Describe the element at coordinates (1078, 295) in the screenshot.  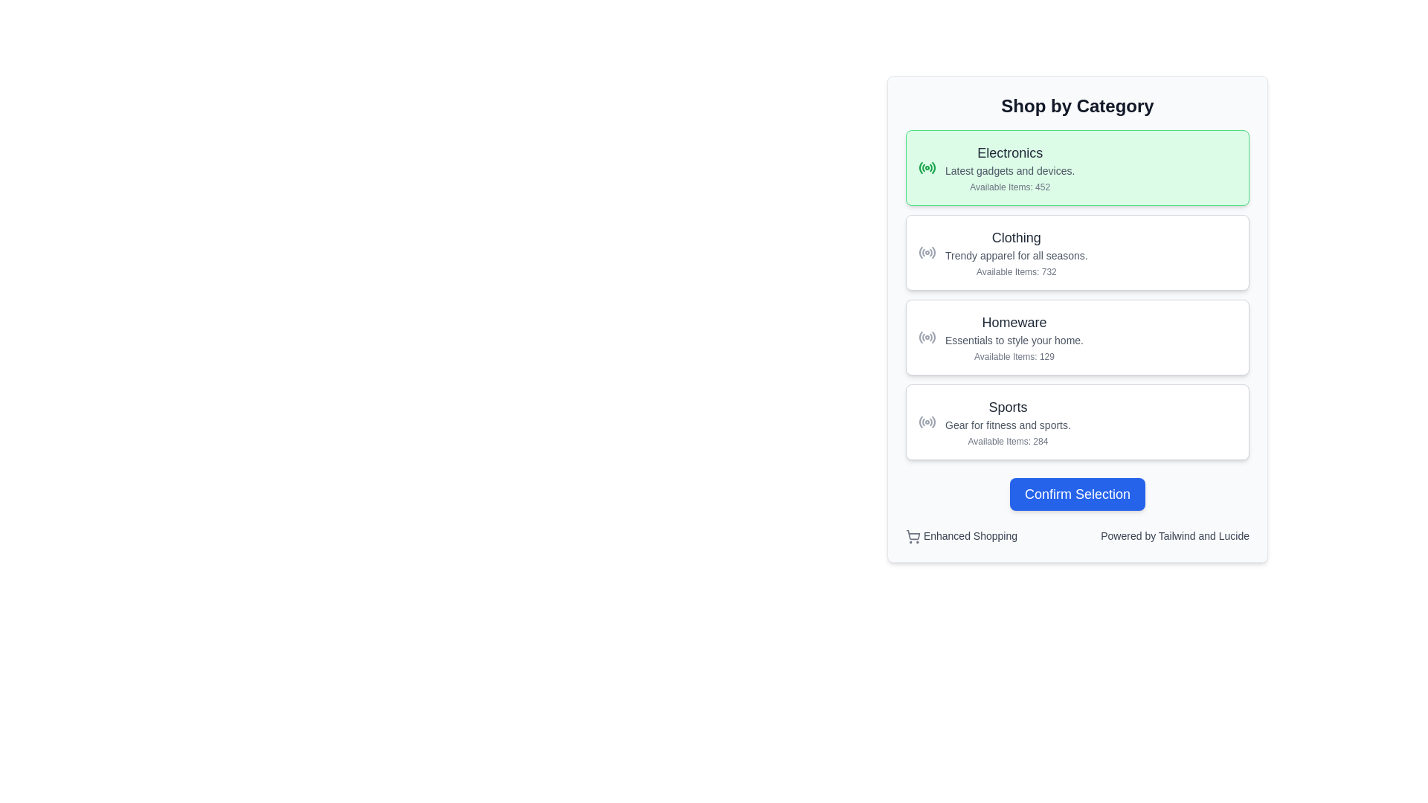
I see `a list item in the 'Shop by Category' vertical list of selectable items` at that location.